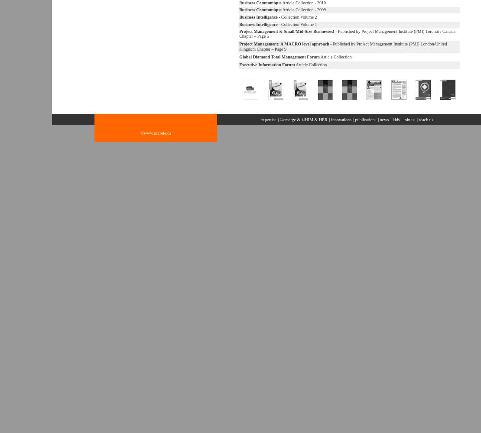 This screenshot has height=433, width=481. I want to click on 'Article
Collection - 2010', so click(303, 2).